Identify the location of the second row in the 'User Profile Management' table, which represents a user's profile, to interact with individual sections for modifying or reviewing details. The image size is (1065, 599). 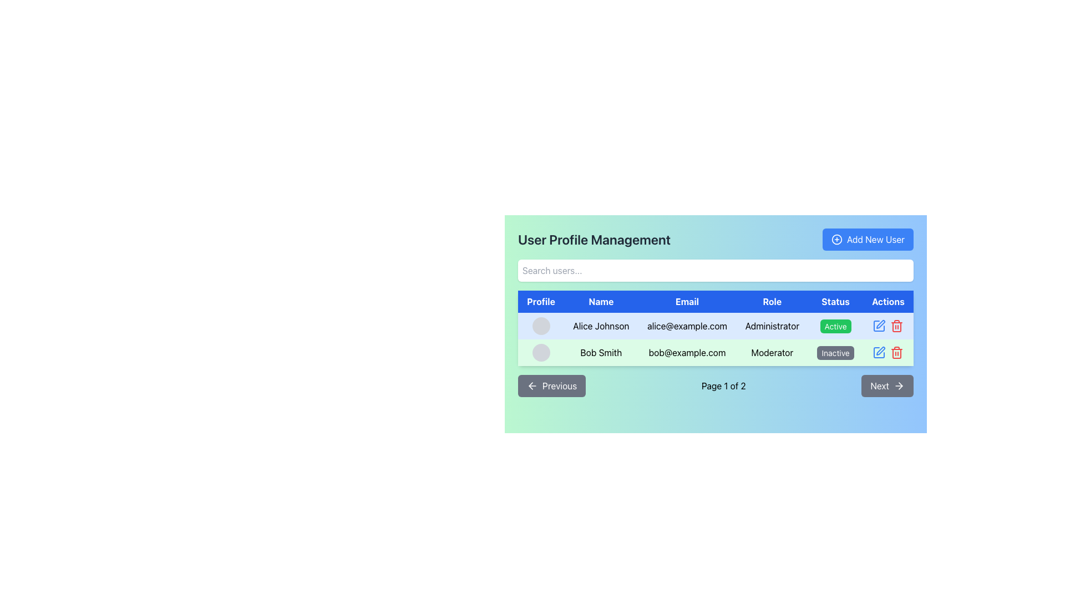
(716, 353).